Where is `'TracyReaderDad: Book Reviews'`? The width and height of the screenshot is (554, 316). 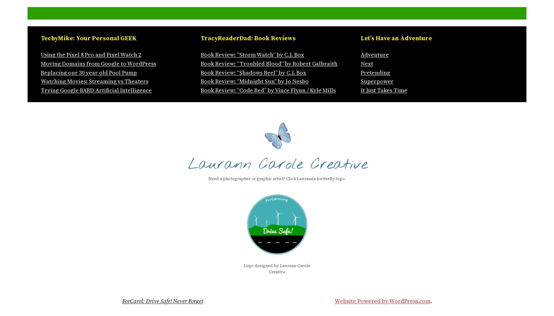
'TracyReaderDad: Book Reviews' is located at coordinates (248, 38).